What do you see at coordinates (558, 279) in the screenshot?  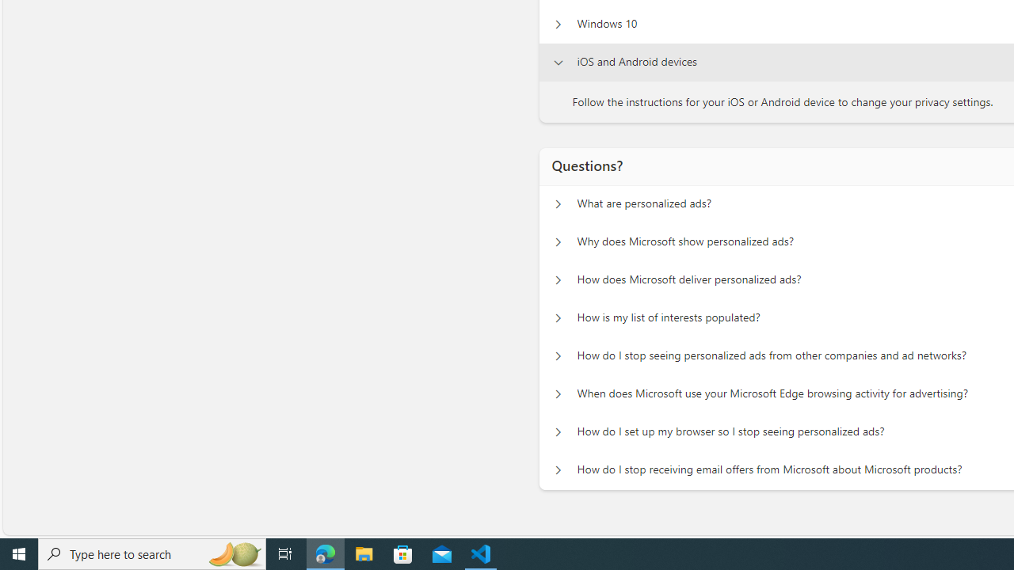 I see `'Questions? How does Microsoft deliver personalized ads?'` at bounding box center [558, 279].